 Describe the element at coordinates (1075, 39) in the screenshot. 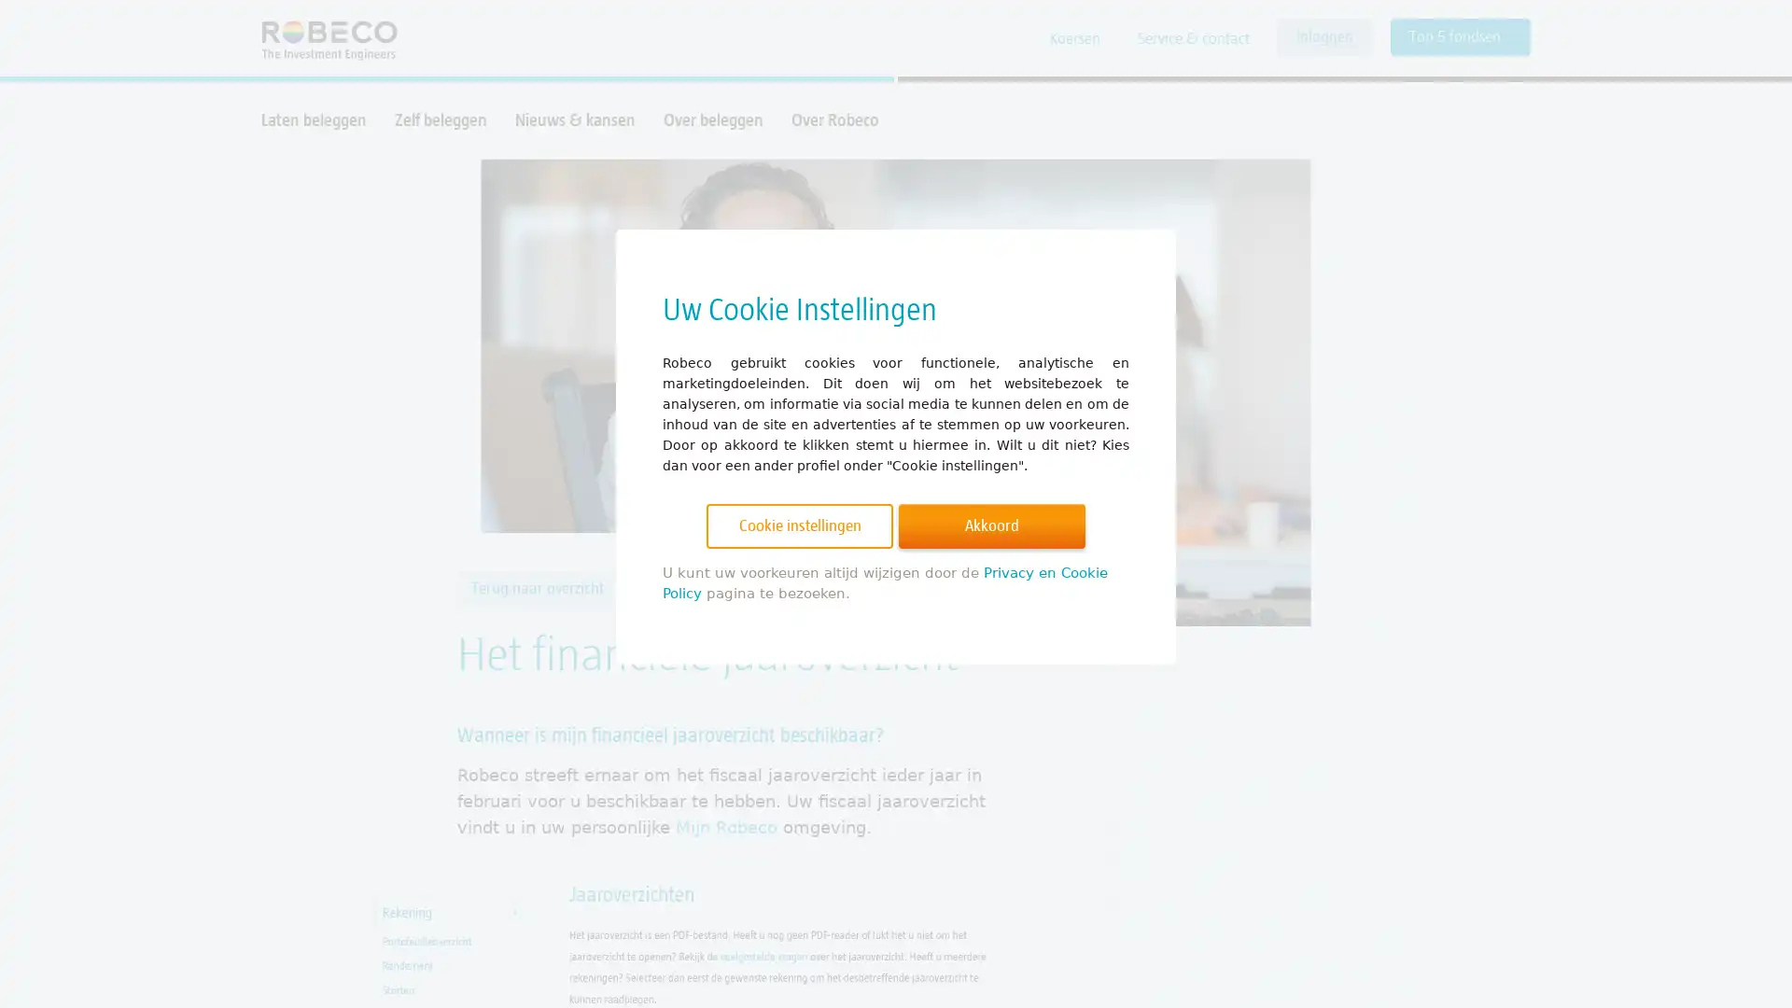

I see `Koersen` at that location.